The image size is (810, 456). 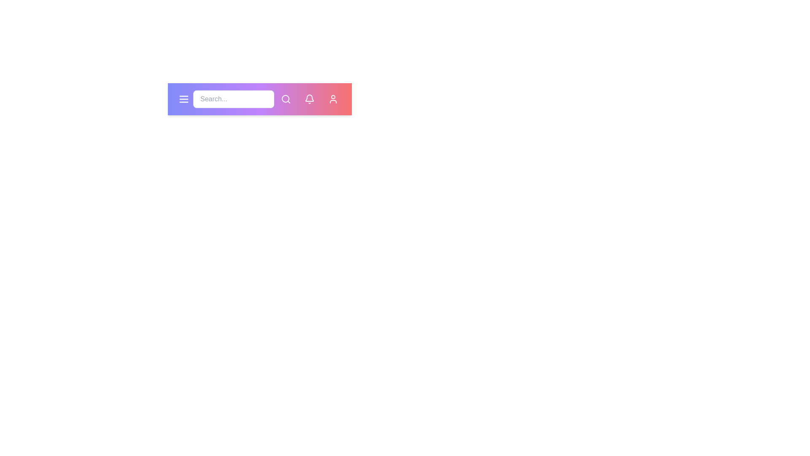 What do you see at coordinates (309, 99) in the screenshot?
I see `the notifications button` at bounding box center [309, 99].